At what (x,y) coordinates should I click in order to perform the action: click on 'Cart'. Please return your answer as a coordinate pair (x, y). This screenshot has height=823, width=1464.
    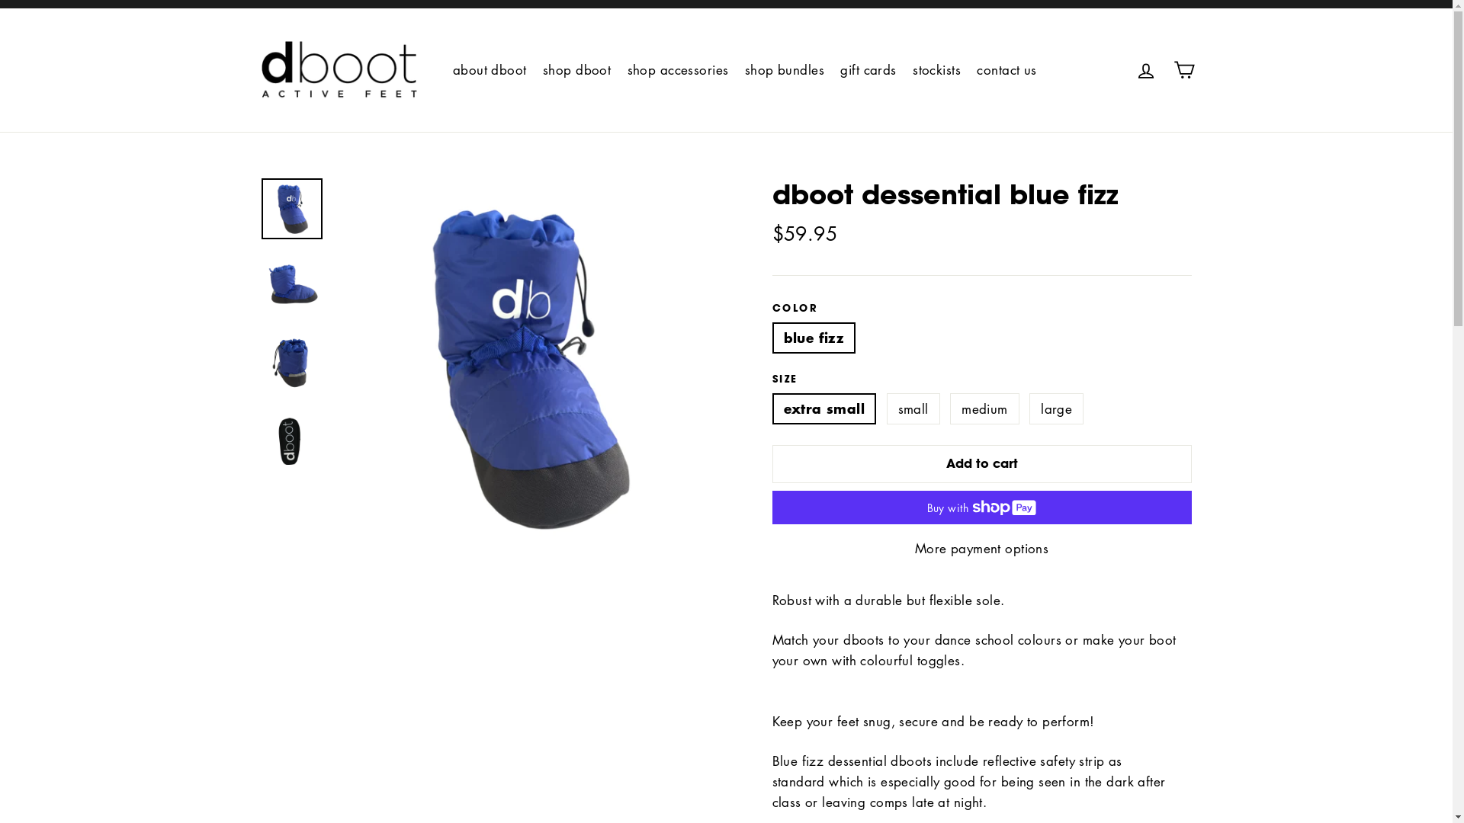
    Looking at the image, I should click on (1182, 70).